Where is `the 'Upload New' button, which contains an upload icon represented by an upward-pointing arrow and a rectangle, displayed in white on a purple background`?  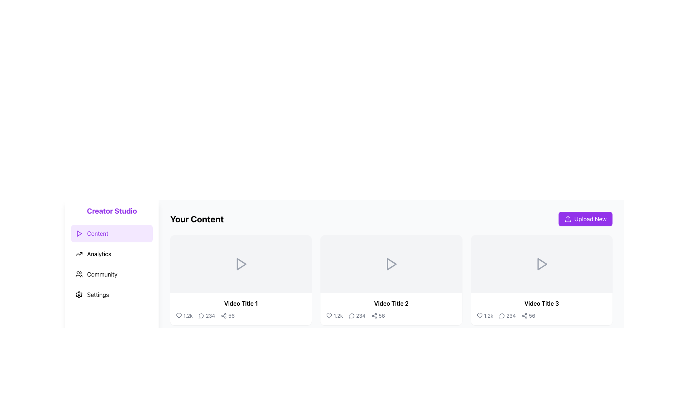 the 'Upload New' button, which contains an upload icon represented by an upward-pointing arrow and a rectangle, displayed in white on a purple background is located at coordinates (567, 218).